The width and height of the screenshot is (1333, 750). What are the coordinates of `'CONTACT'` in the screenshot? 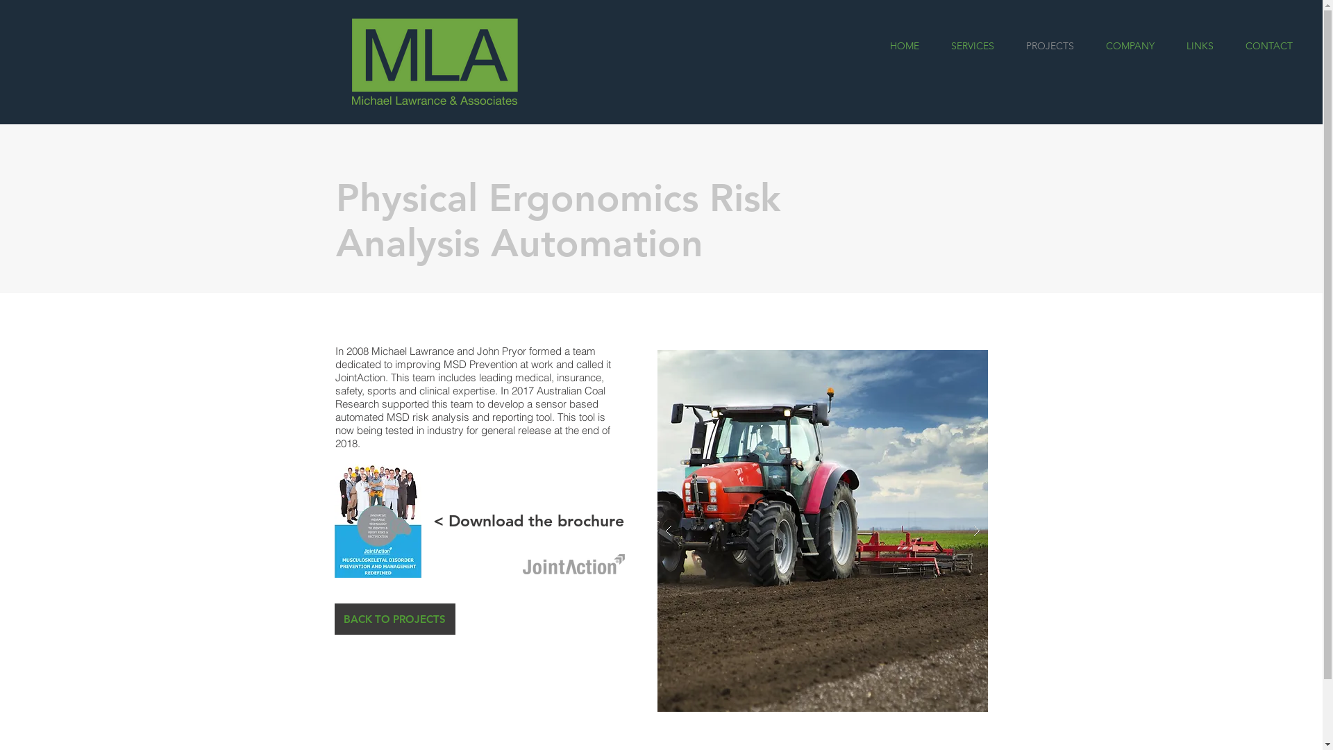 It's located at (1269, 45).